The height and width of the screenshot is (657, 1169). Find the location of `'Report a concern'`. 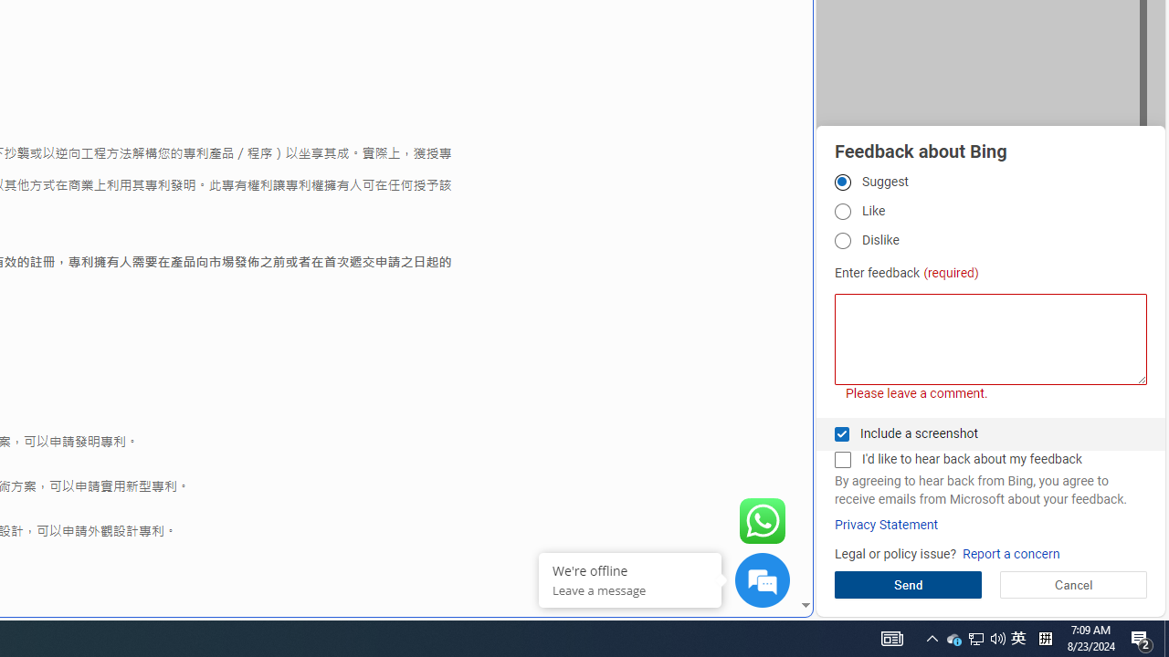

'Report a concern' is located at coordinates (1010, 553).